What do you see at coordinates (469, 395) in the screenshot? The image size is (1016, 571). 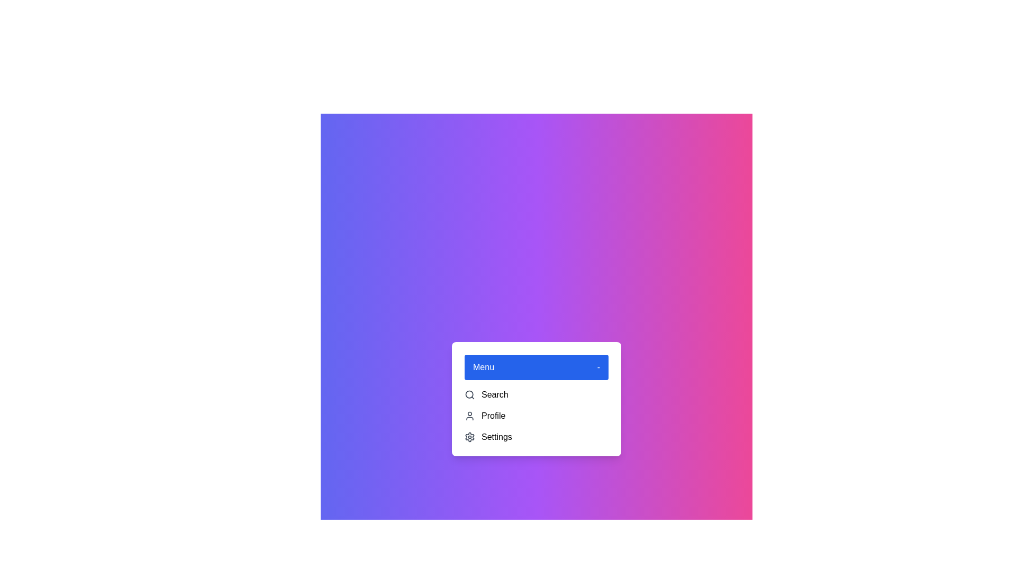 I see `the icon and label for Search in the dropdown menu` at bounding box center [469, 395].